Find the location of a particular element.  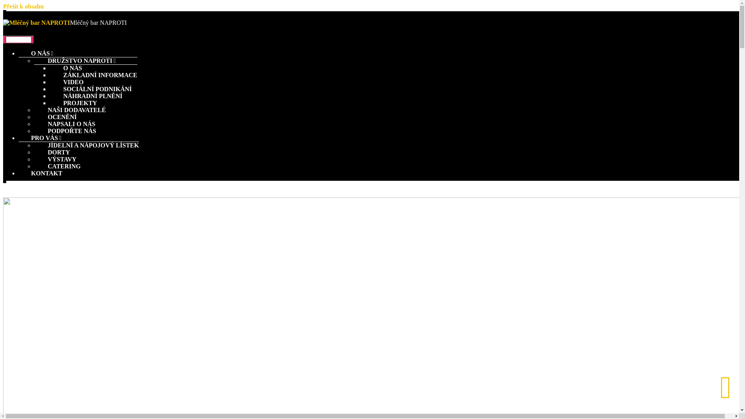

'CATERING' is located at coordinates (57, 157).